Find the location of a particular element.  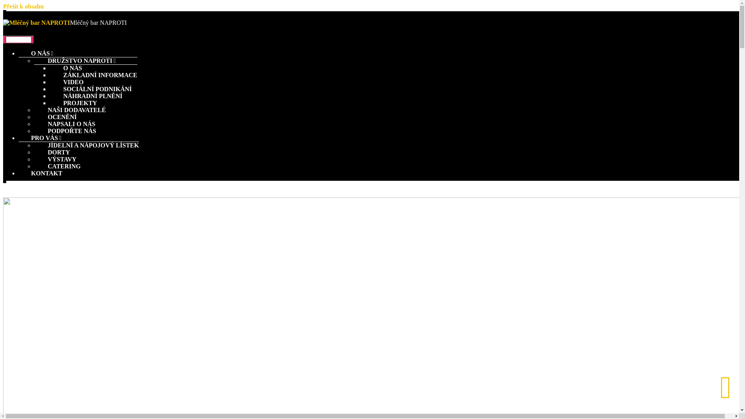

'CATERING' is located at coordinates (57, 157).